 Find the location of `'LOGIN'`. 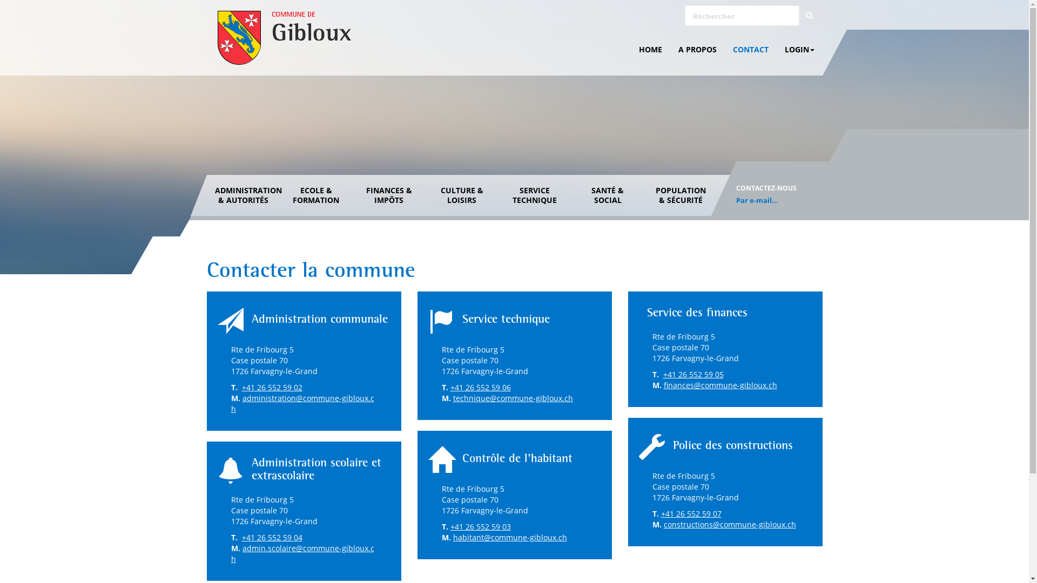

'LOGIN' is located at coordinates (776, 50).